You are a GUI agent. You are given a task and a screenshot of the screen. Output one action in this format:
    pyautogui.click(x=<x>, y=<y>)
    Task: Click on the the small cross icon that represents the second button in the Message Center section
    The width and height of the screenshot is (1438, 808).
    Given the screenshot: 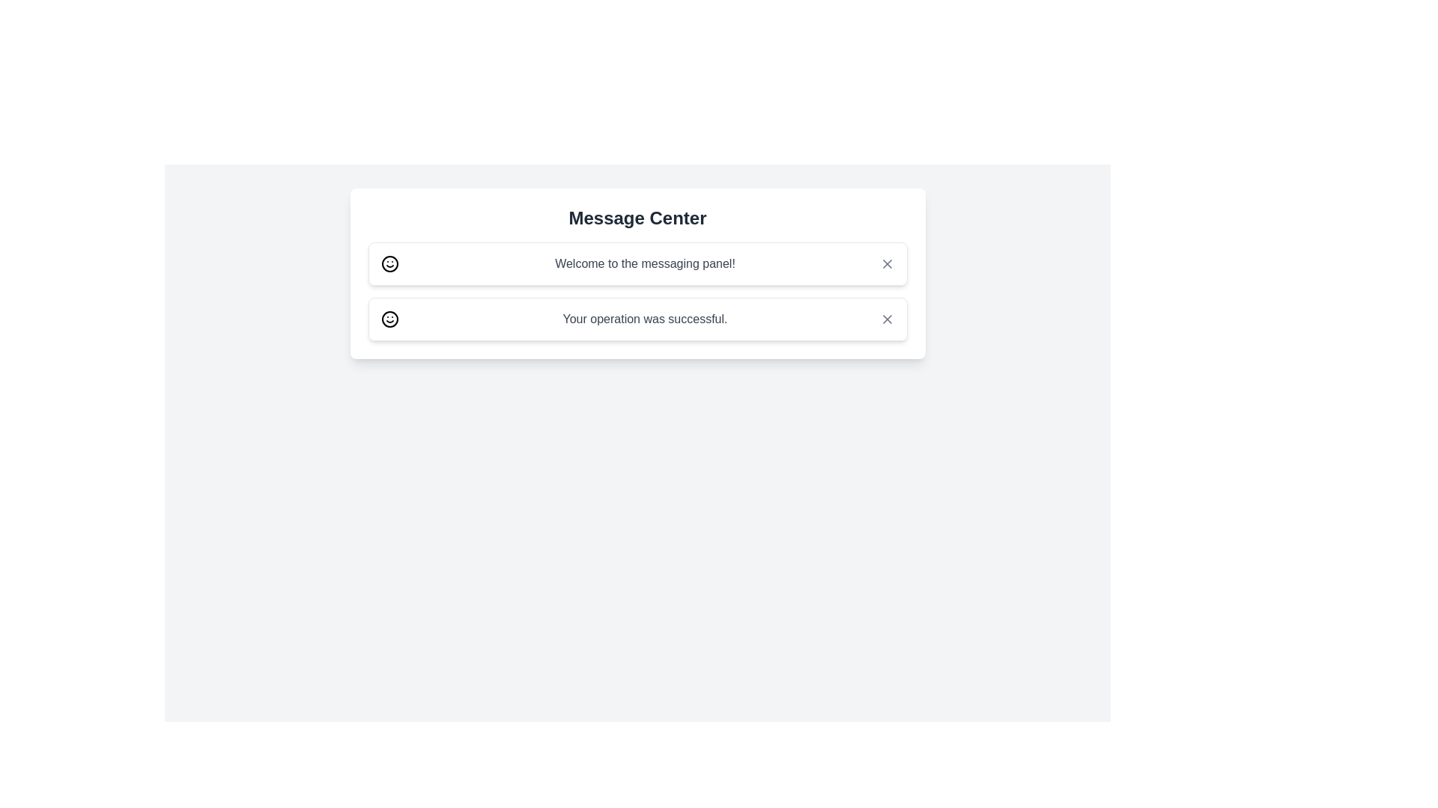 What is the action you would take?
    pyautogui.click(x=887, y=319)
    